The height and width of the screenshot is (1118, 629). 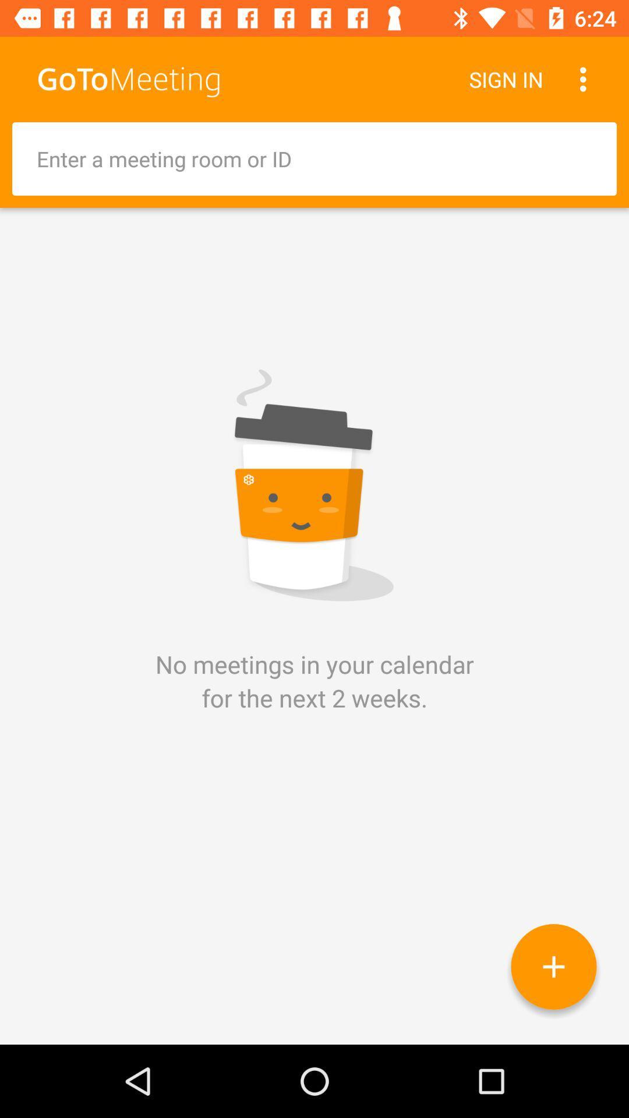 What do you see at coordinates (553, 967) in the screenshot?
I see `the add icon` at bounding box center [553, 967].